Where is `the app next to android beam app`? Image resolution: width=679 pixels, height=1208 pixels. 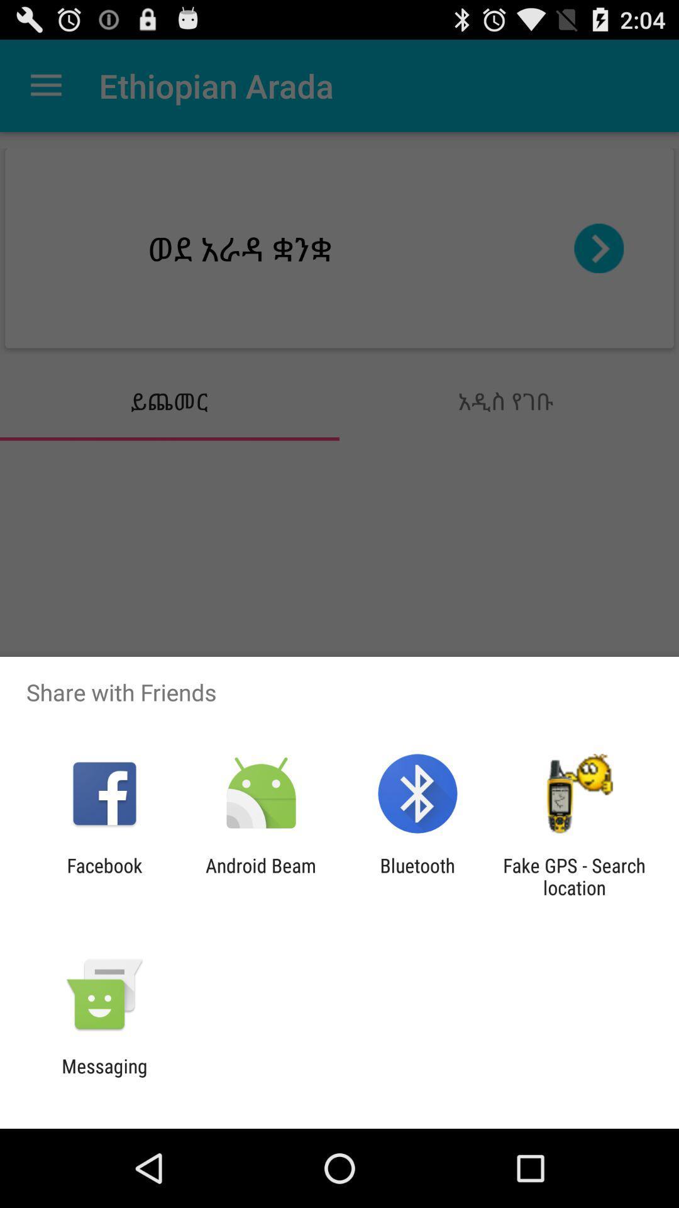 the app next to android beam app is located at coordinates (417, 876).